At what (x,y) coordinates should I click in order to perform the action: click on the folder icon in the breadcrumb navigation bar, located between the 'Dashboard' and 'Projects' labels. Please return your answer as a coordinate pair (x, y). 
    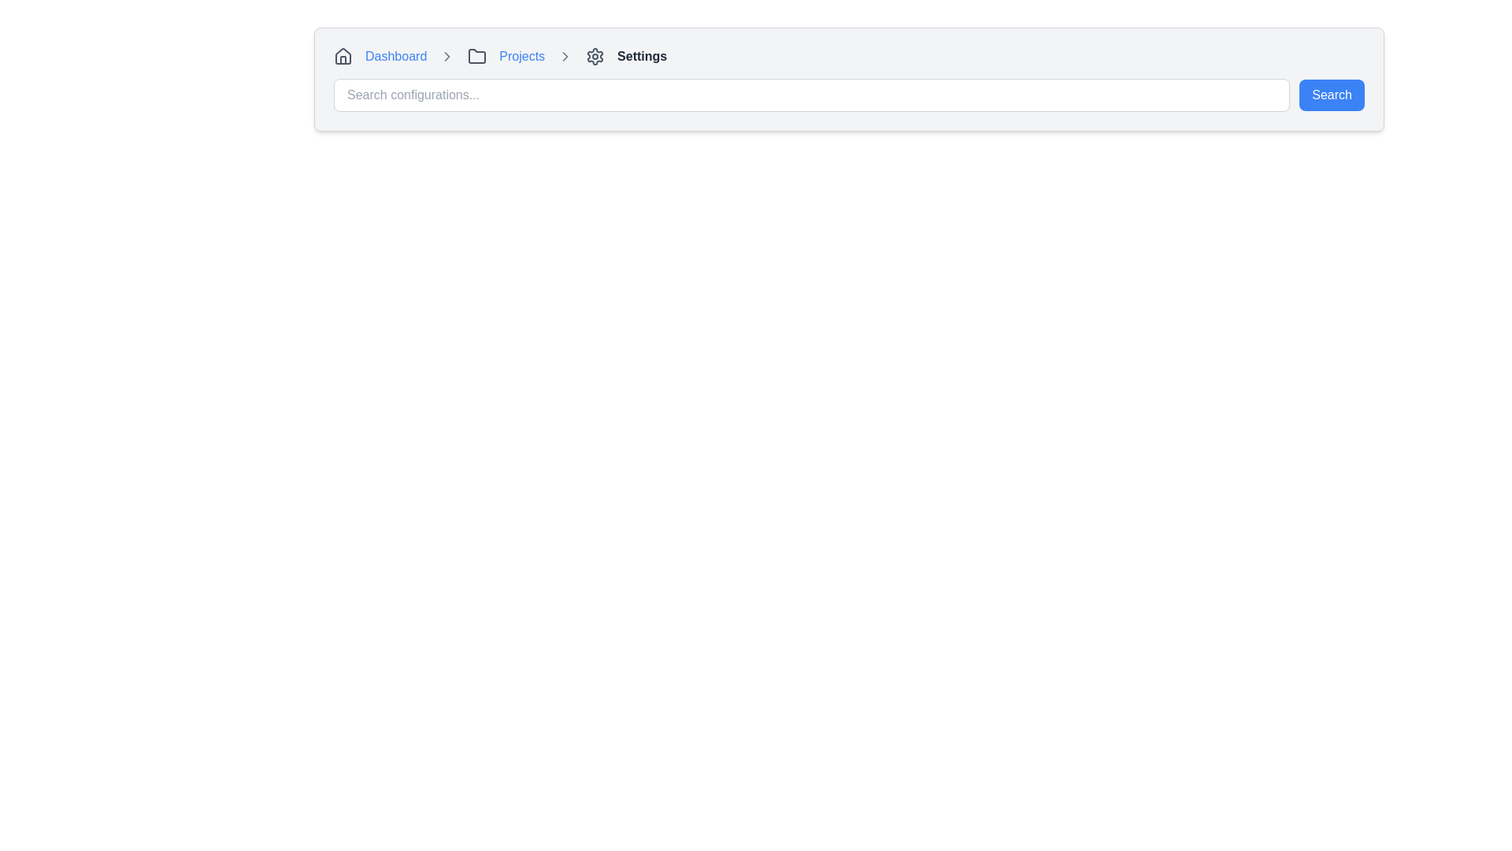
    Looking at the image, I should click on (476, 55).